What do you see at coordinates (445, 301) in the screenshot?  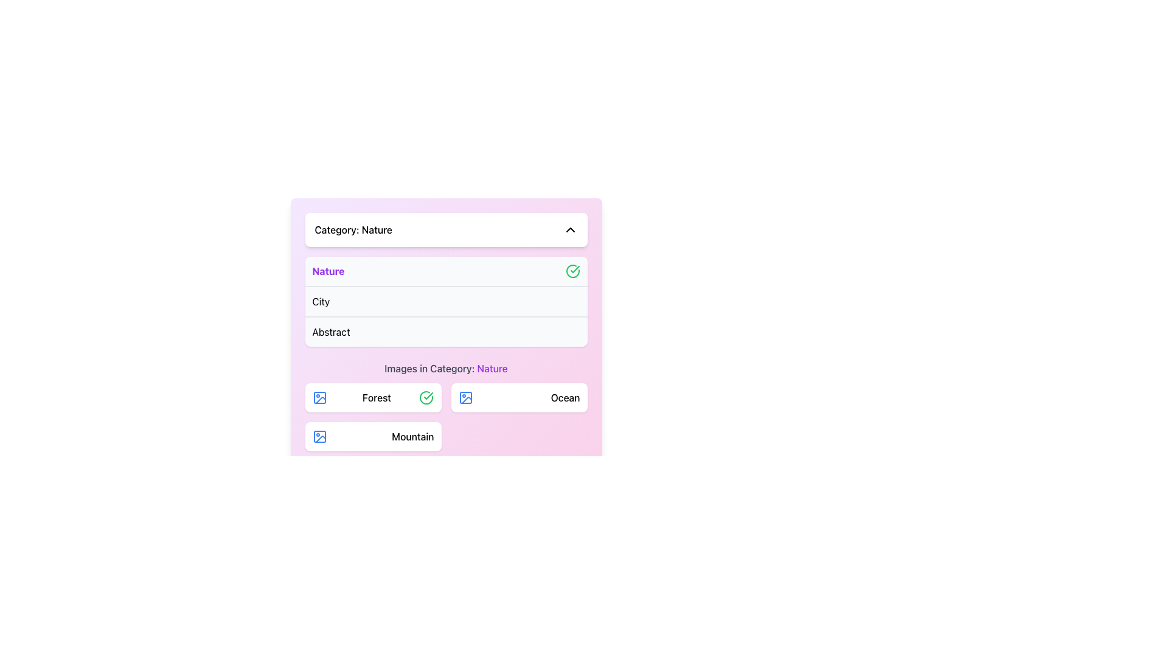 I see `the selectable list item labeled 'City', which is the second item in a vertical list of options` at bounding box center [445, 301].